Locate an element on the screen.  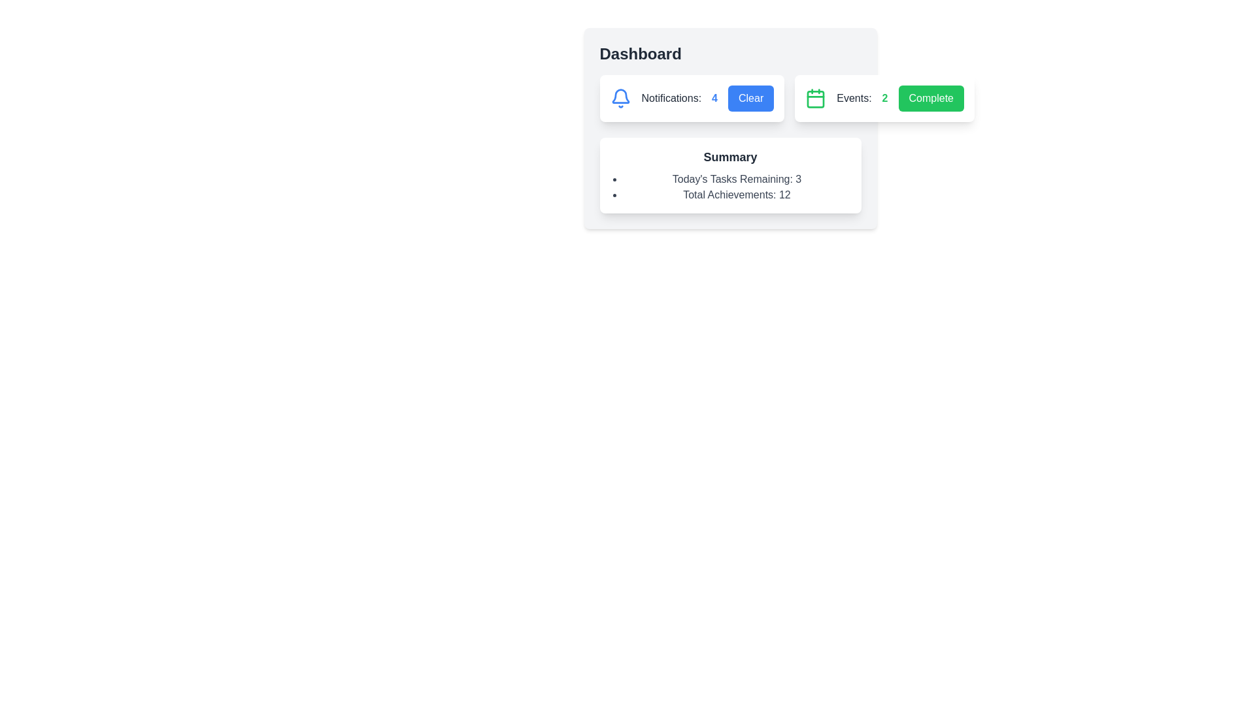
notification count from the Notification Panel which has a white background, a bell icon, and a 'Clear' button is located at coordinates (691, 97).